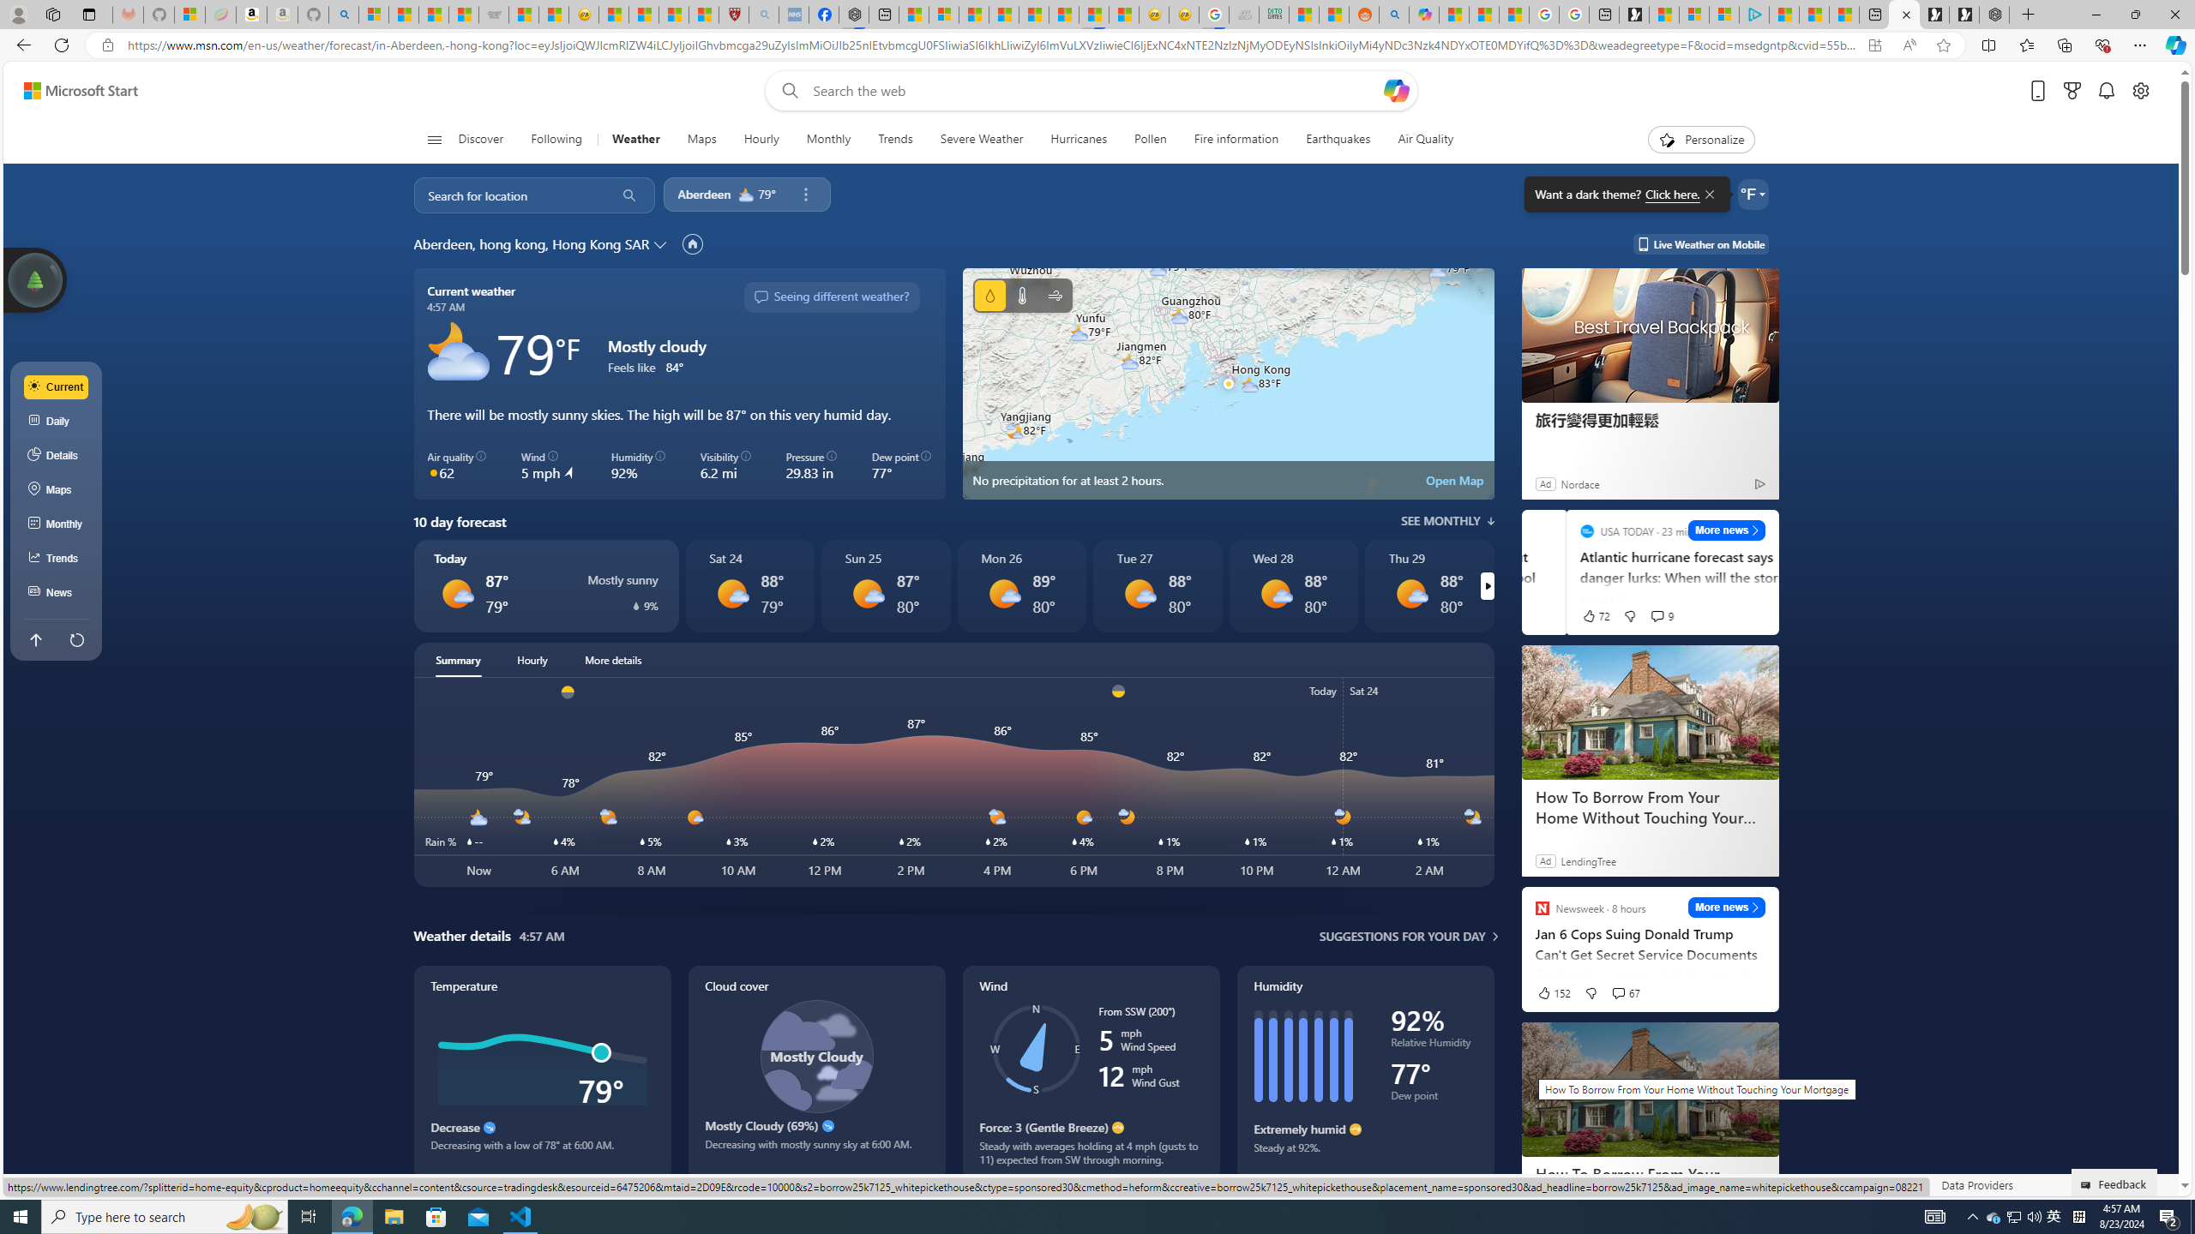 The height and width of the screenshot is (1234, 2195). I want to click on 'Air Quality', so click(1416, 139).